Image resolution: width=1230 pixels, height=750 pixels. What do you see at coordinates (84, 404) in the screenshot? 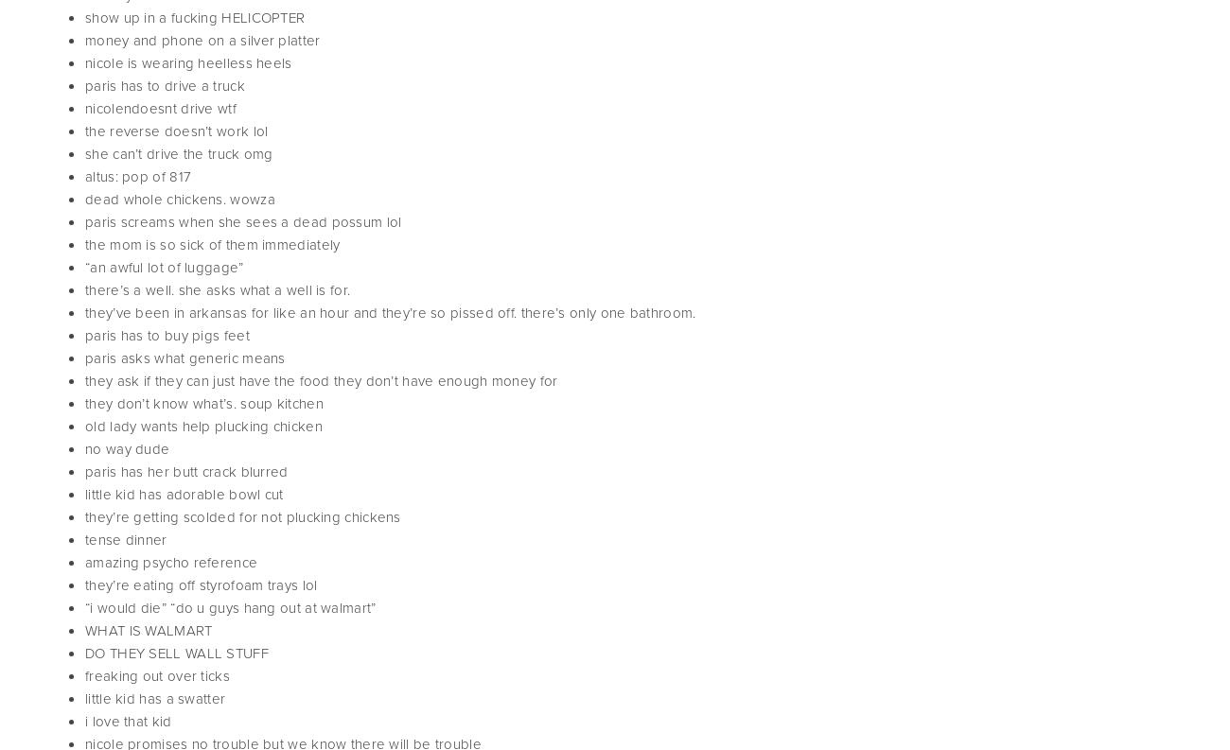
I see `'they don’t know what’s. soup kitchen'` at bounding box center [84, 404].